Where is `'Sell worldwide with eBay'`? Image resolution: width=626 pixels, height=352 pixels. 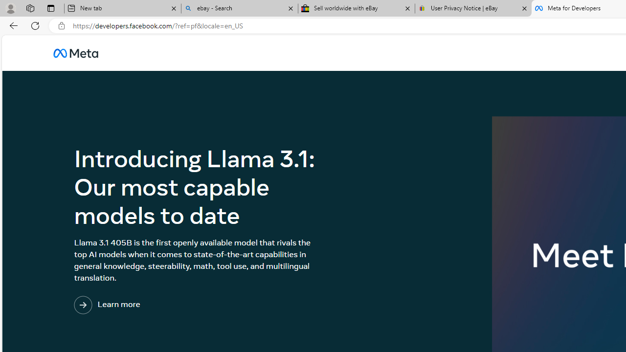
'Sell worldwide with eBay' is located at coordinates (356, 8).